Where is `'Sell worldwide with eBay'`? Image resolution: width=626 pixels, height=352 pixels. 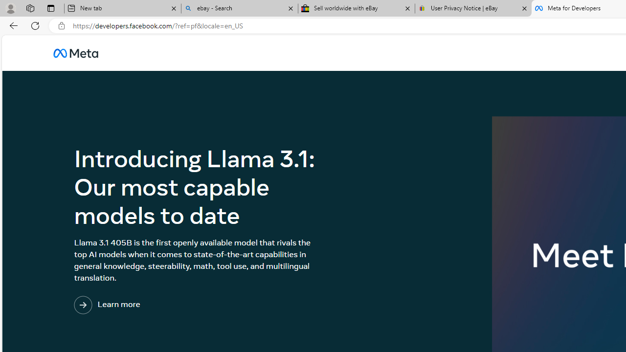
'Sell worldwide with eBay' is located at coordinates (356, 8).